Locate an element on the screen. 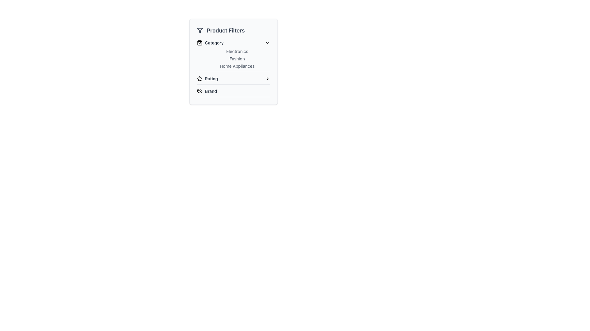 This screenshot has width=590, height=331. the star-shaped rating icon with a black outline, positioned to the left of the 'Rating' label in the user interface is located at coordinates (199, 78).